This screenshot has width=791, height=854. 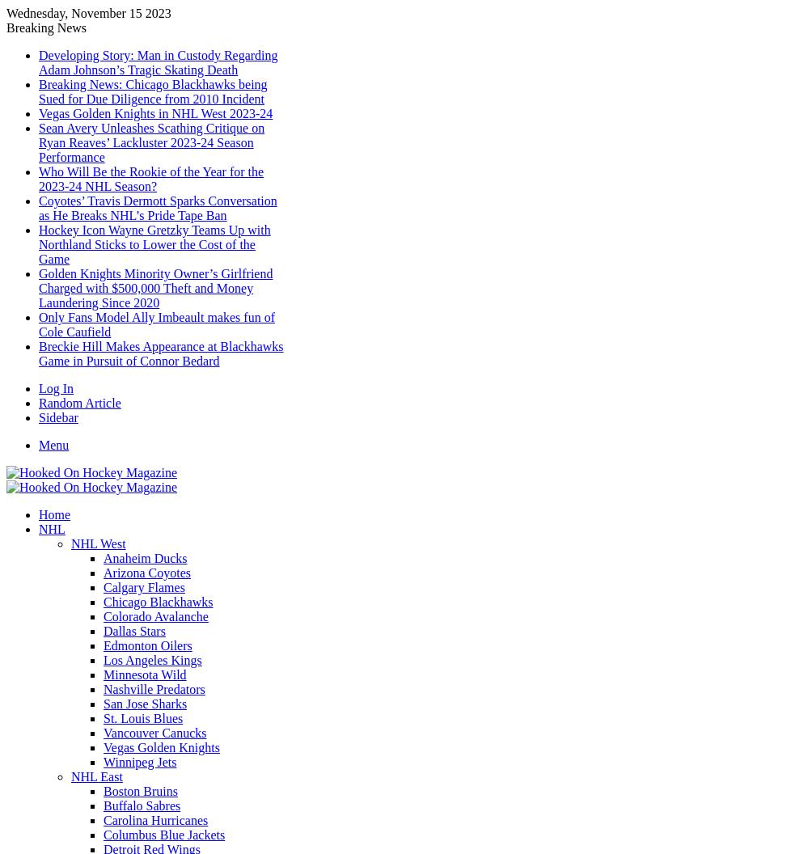 I want to click on 'Colorado Avalanche', so click(x=104, y=615).